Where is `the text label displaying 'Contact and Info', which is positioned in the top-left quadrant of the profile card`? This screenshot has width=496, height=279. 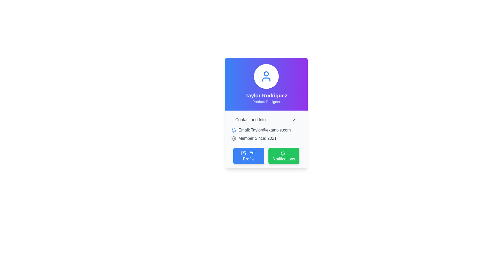
the text label displaying 'Contact and Info', which is positioned in the top-left quadrant of the profile card is located at coordinates (250, 120).